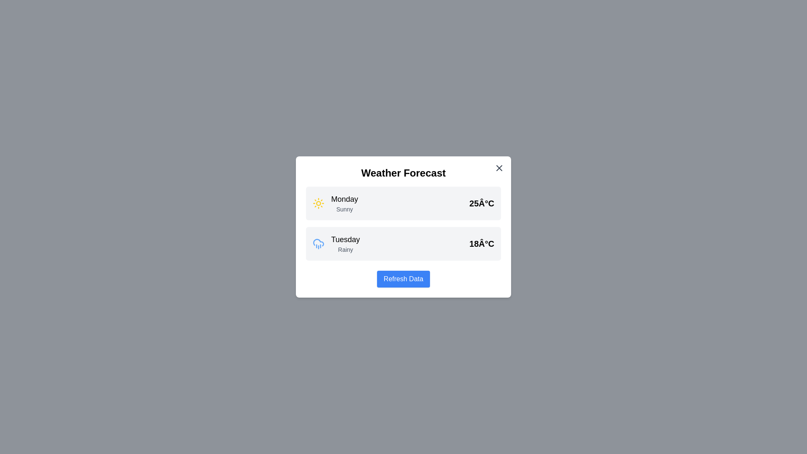 This screenshot has height=454, width=807. What do you see at coordinates (345, 240) in the screenshot?
I see `text label displaying 'Tuesday', which is styled in bold black font and located in the second entry of the weather forecast display, above the smaller text indicating 'Rainy'` at bounding box center [345, 240].